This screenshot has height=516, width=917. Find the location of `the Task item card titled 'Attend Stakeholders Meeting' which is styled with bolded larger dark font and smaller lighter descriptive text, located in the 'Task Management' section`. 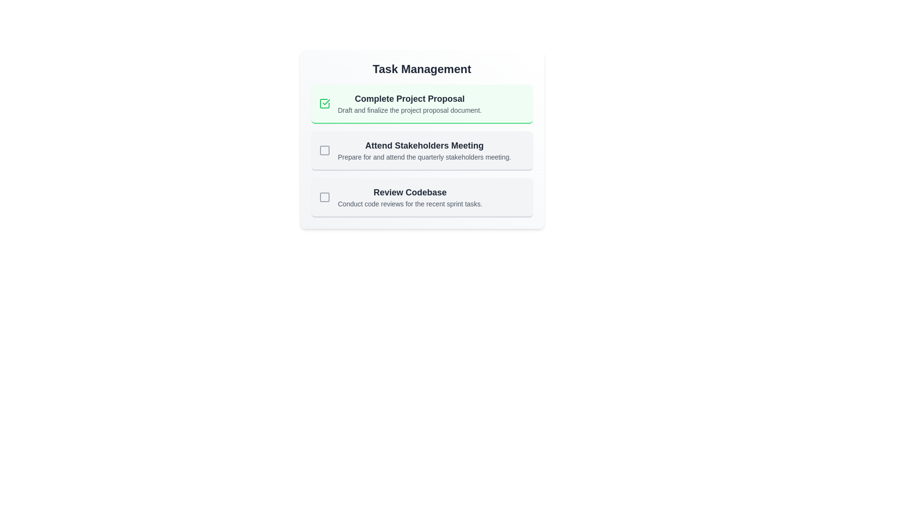

the Task item card titled 'Attend Stakeholders Meeting' which is styled with bolded larger dark font and smaller lighter descriptive text, located in the 'Task Management' section is located at coordinates (424, 150).